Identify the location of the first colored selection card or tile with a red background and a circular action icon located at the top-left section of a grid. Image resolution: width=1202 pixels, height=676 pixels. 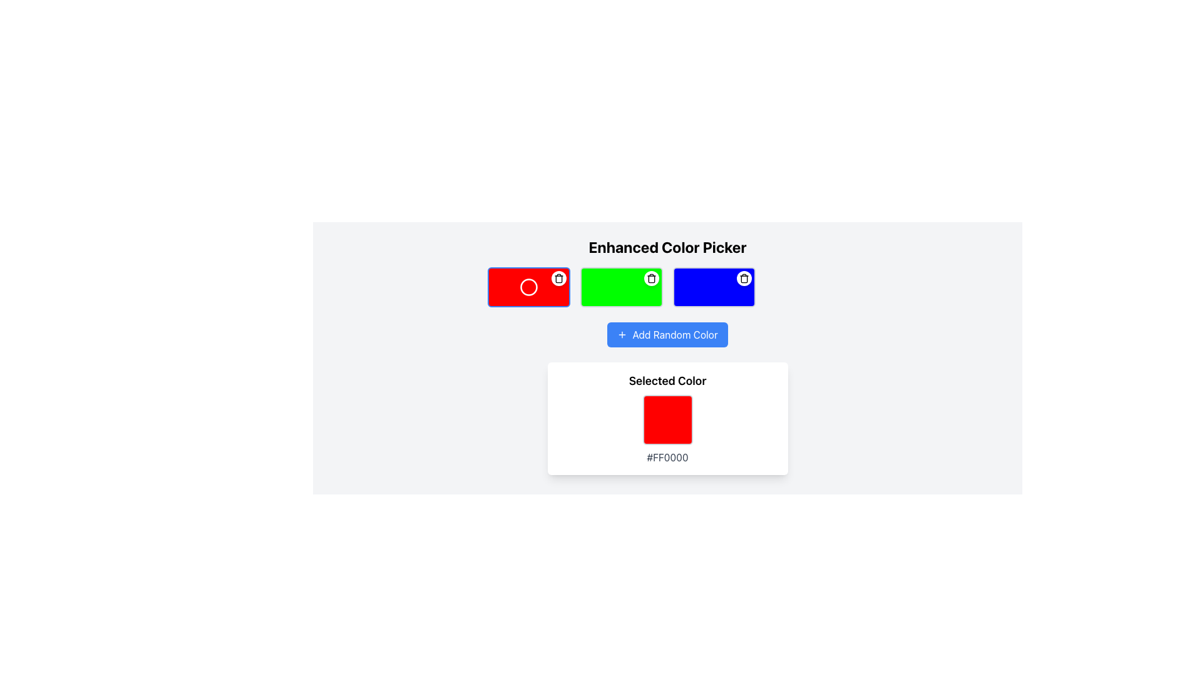
(528, 287).